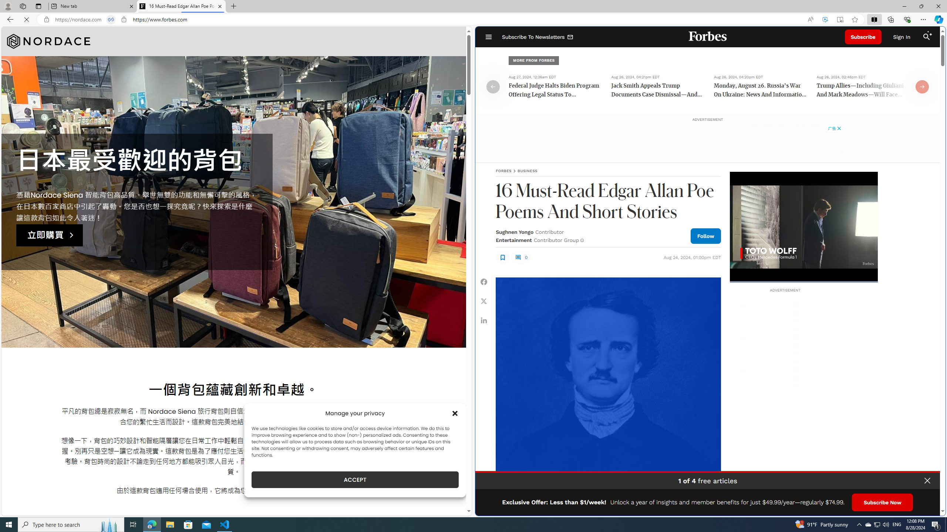  Describe the element at coordinates (922, 86) in the screenshot. I see `'Class: fs-icon fs-icon--arrow-right'` at that location.